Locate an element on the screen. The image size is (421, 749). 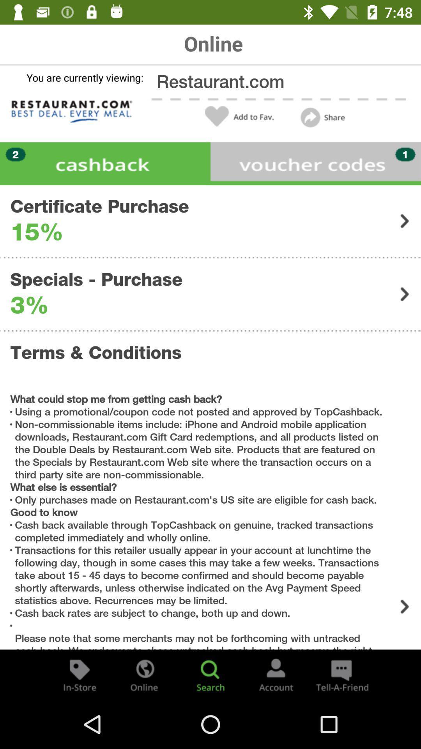
the search icon is located at coordinates (210, 674).